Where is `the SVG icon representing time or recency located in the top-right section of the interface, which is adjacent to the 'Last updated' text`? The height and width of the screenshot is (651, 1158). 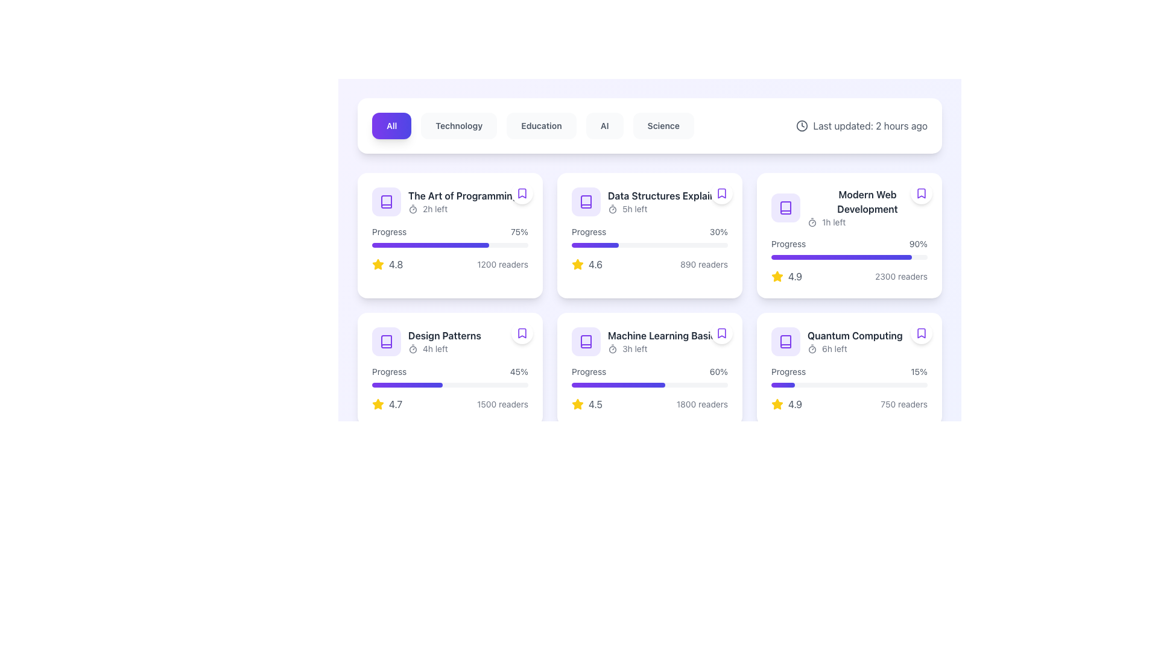
the SVG icon representing time or recency located in the top-right section of the interface, which is adjacent to the 'Last updated' text is located at coordinates (802, 125).